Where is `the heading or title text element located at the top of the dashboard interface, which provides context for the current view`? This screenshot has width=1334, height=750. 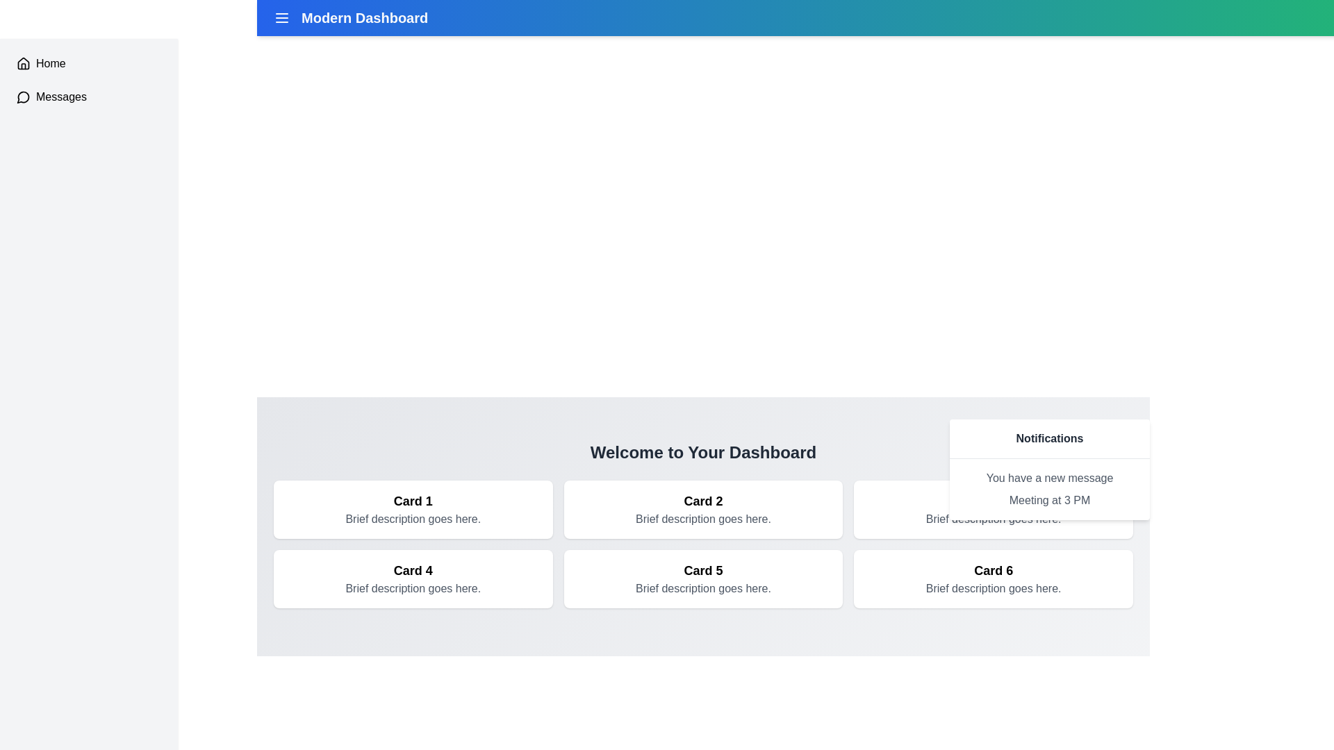
the heading or title text element located at the top of the dashboard interface, which provides context for the current view is located at coordinates (703, 452).